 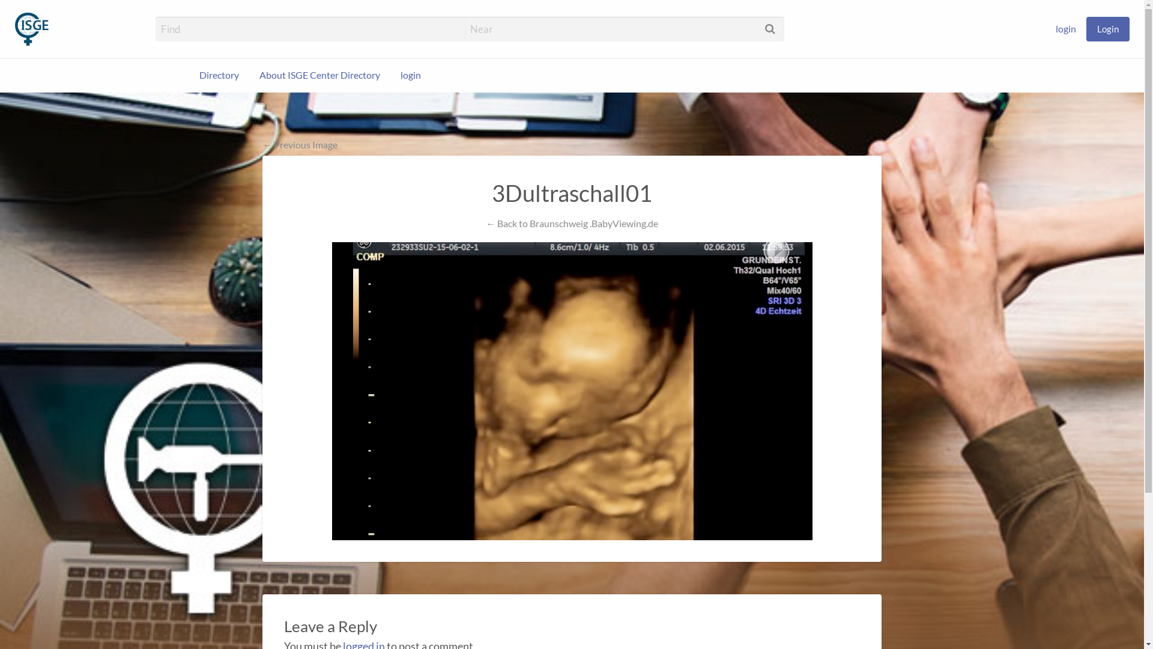 I want to click on 'About ISGE Center Directory', so click(x=319, y=75).